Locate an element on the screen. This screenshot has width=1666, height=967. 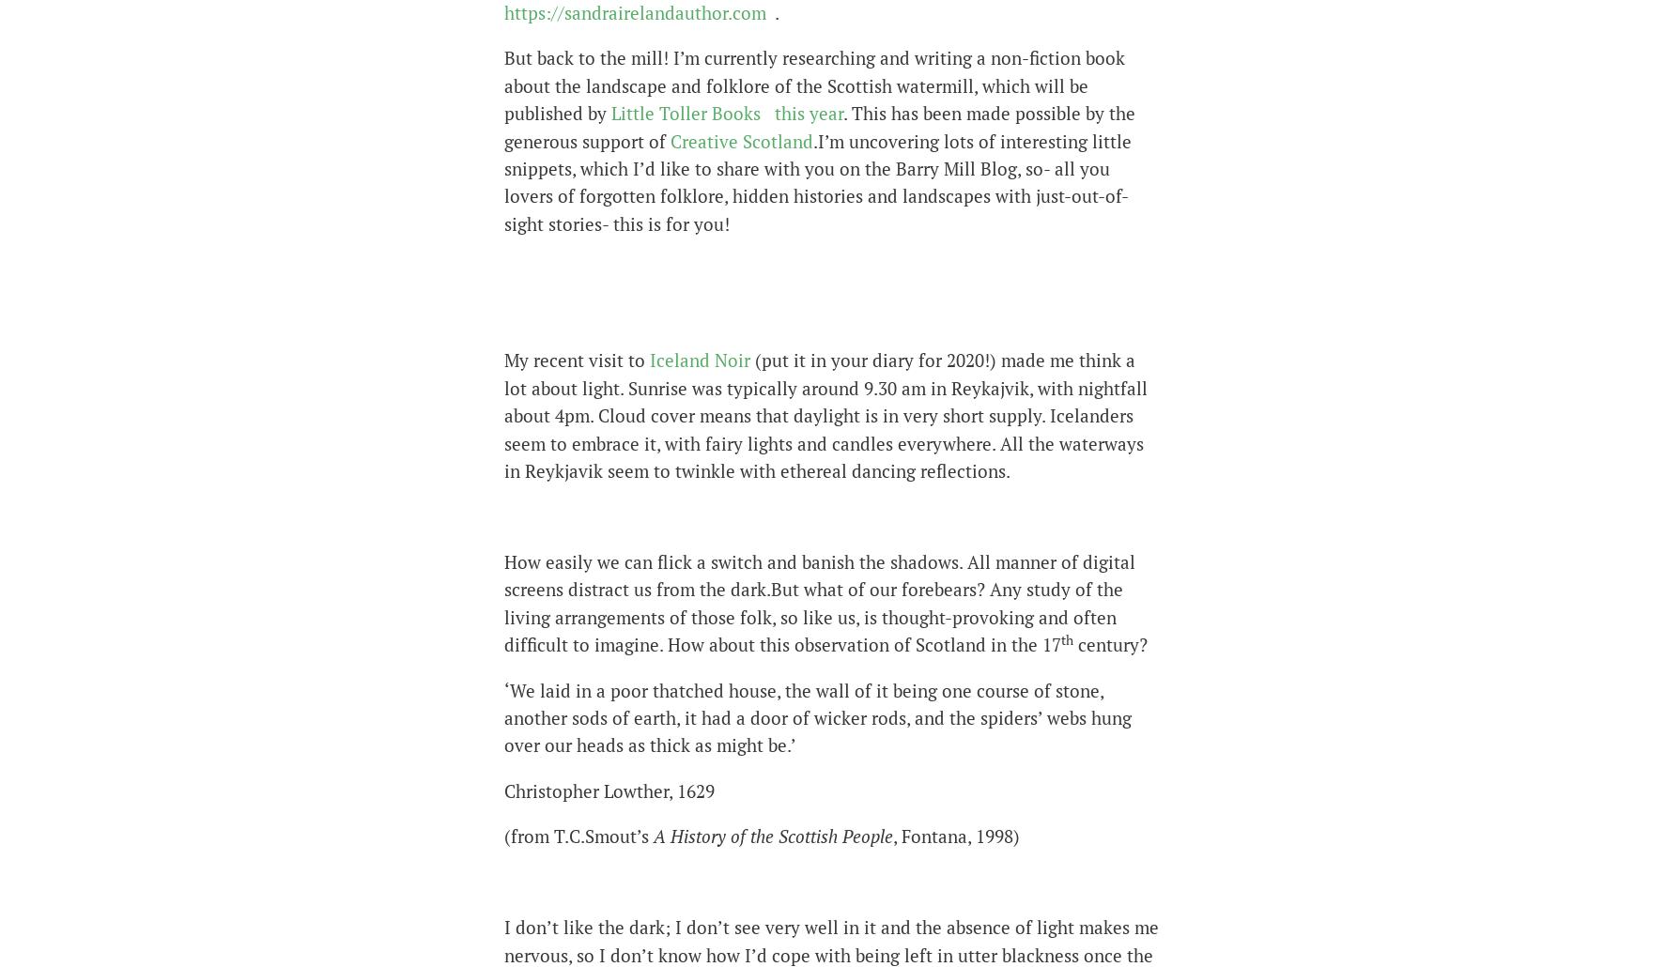
'century?' is located at coordinates (1072, 643).